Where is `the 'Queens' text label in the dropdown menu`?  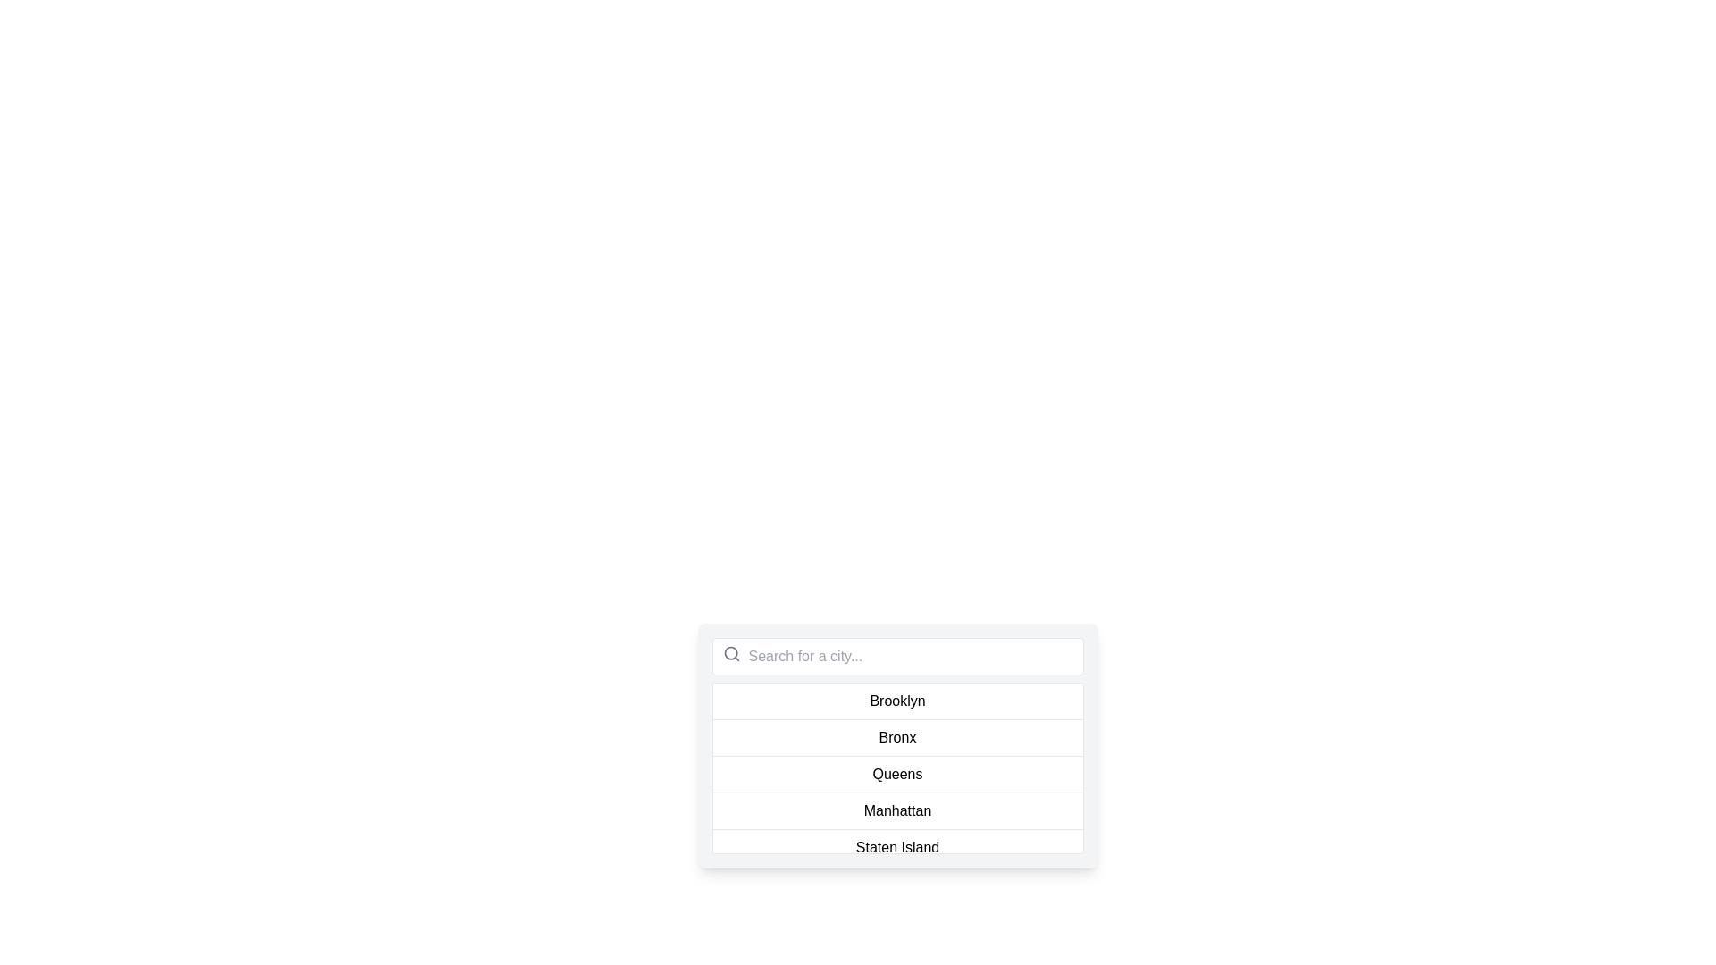 the 'Queens' text label in the dropdown menu is located at coordinates (897, 773).